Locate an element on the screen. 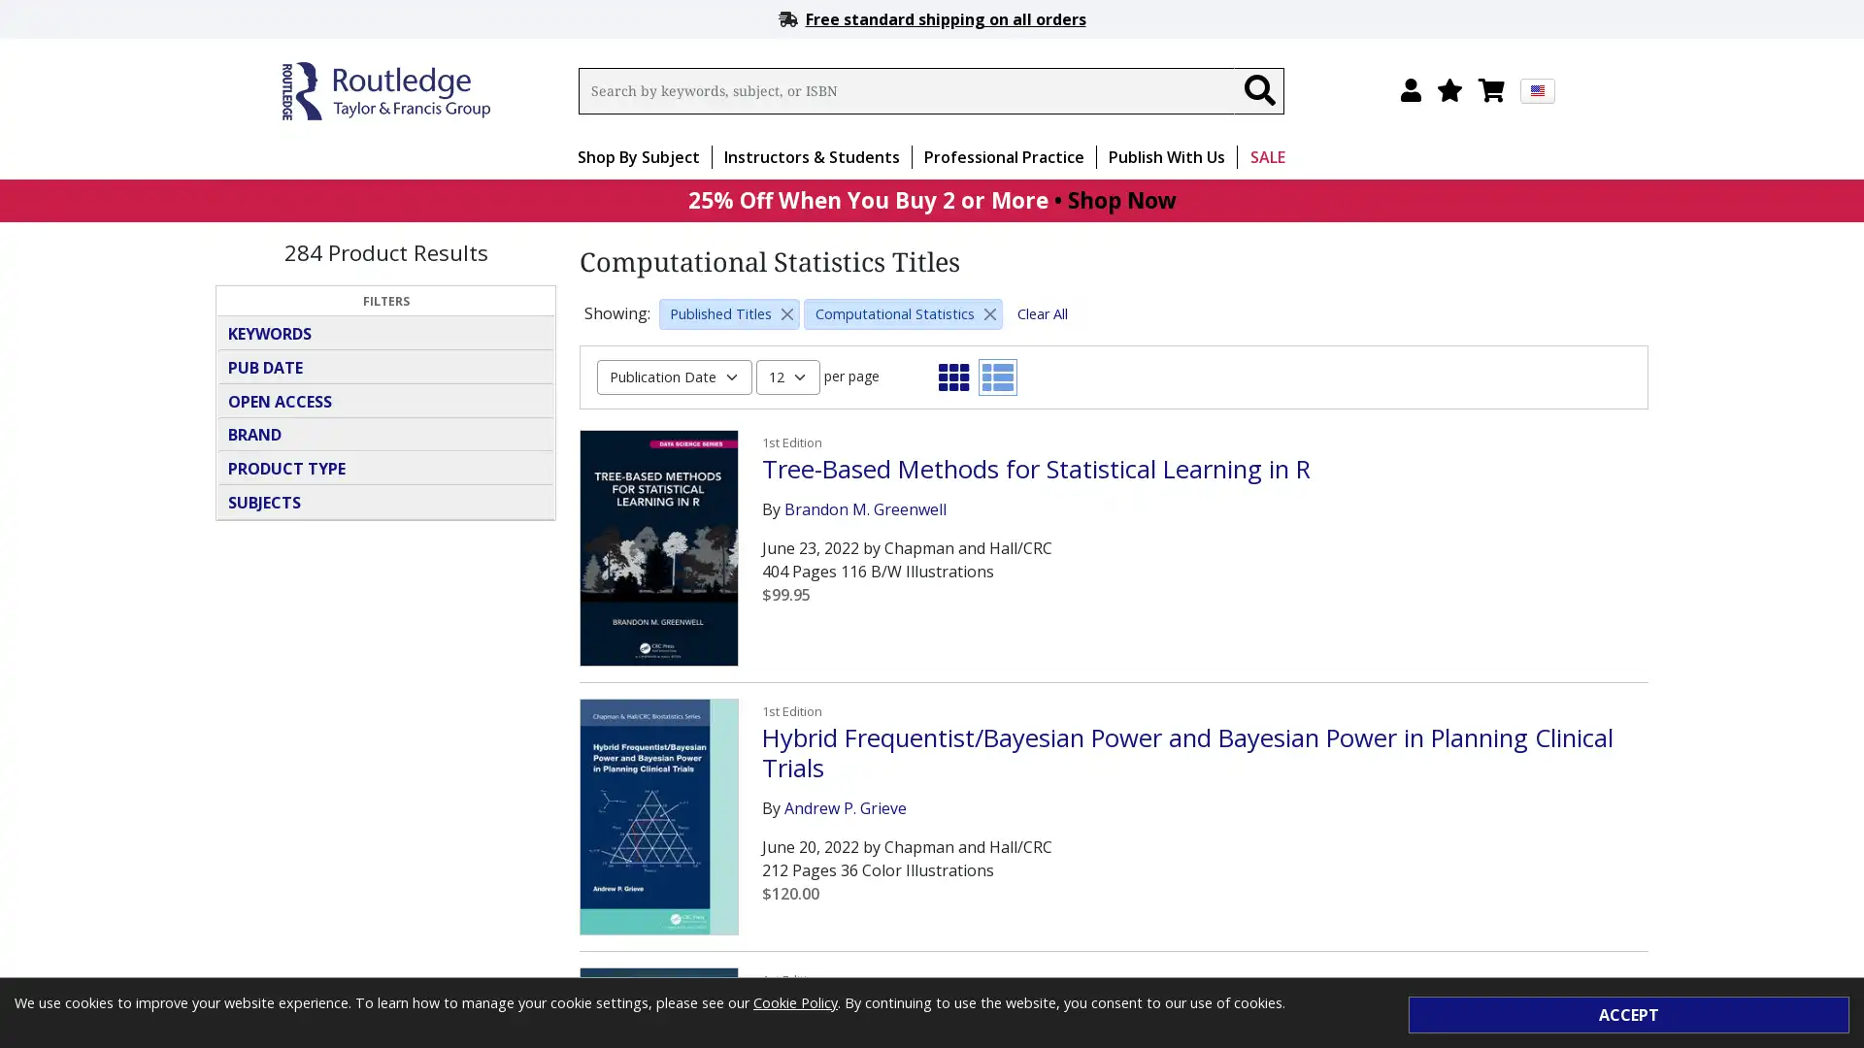 The height and width of the screenshot is (1048, 1864). KEYWORDS is located at coordinates (385, 332).